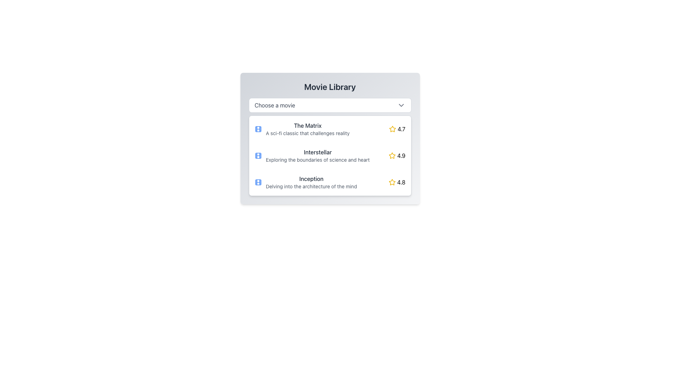 The height and width of the screenshot is (378, 673). Describe the element at coordinates (311, 182) in the screenshot. I see `informational text display for the movie title and description, which is the third entry in the 'Movie Library' card` at that location.